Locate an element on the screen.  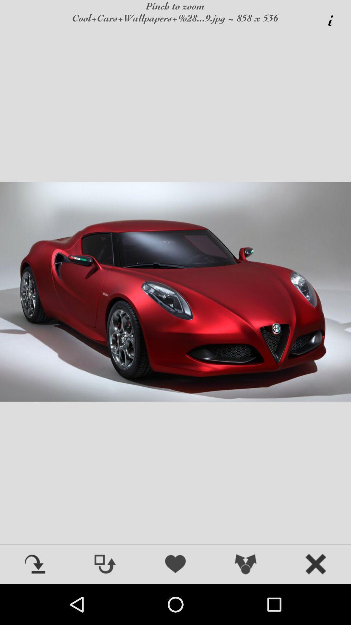
view image above is located at coordinates (105, 564).